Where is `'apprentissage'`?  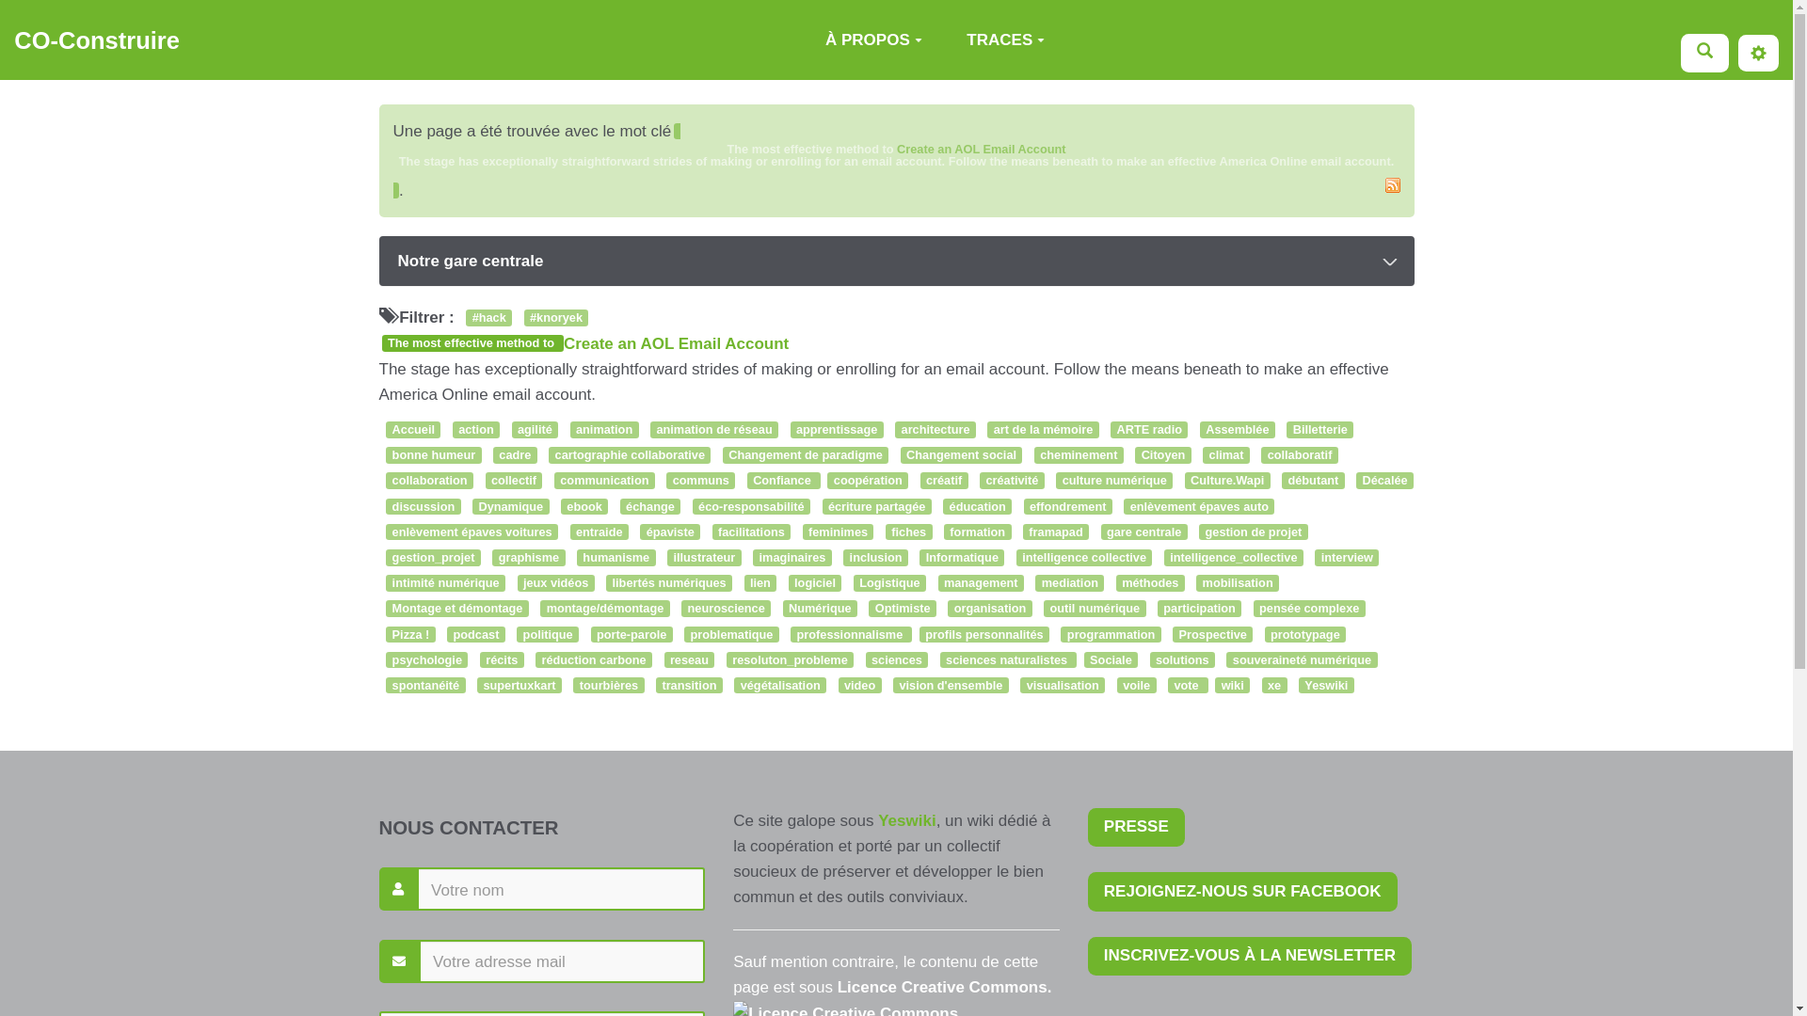
'apprentissage' is located at coordinates (836, 429).